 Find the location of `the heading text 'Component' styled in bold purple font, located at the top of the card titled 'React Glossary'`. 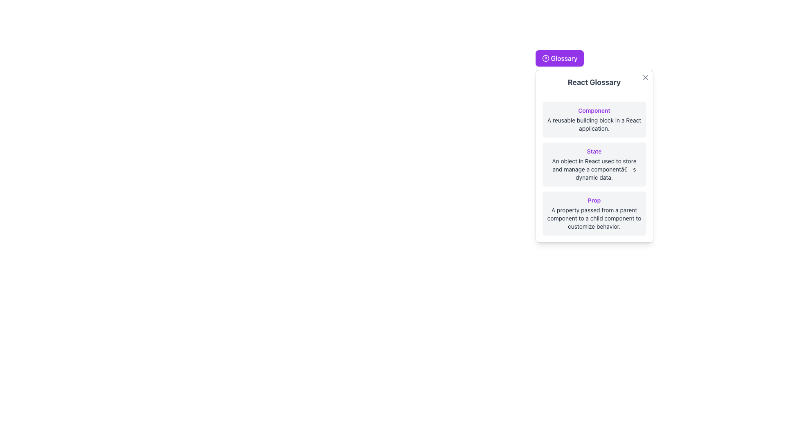

the heading text 'Component' styled in bold purple font, located at the top of the card titled 'React Glossary' is located at coordinates (594, 110).